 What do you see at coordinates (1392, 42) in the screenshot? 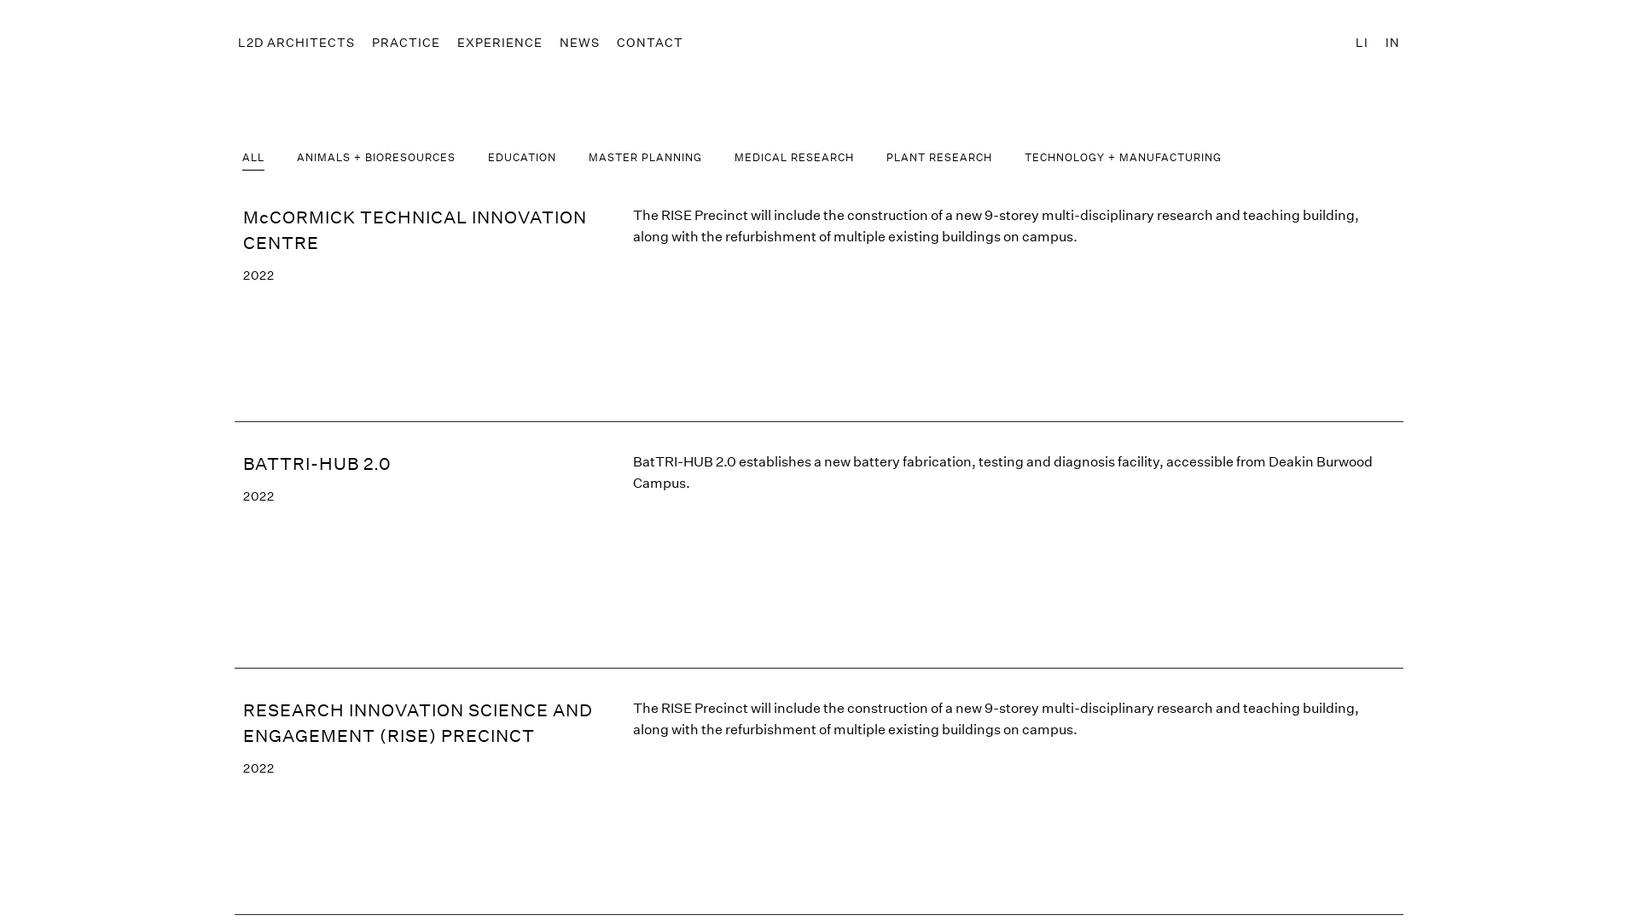
I see `'IN'` at bounding box center [1392, 42].